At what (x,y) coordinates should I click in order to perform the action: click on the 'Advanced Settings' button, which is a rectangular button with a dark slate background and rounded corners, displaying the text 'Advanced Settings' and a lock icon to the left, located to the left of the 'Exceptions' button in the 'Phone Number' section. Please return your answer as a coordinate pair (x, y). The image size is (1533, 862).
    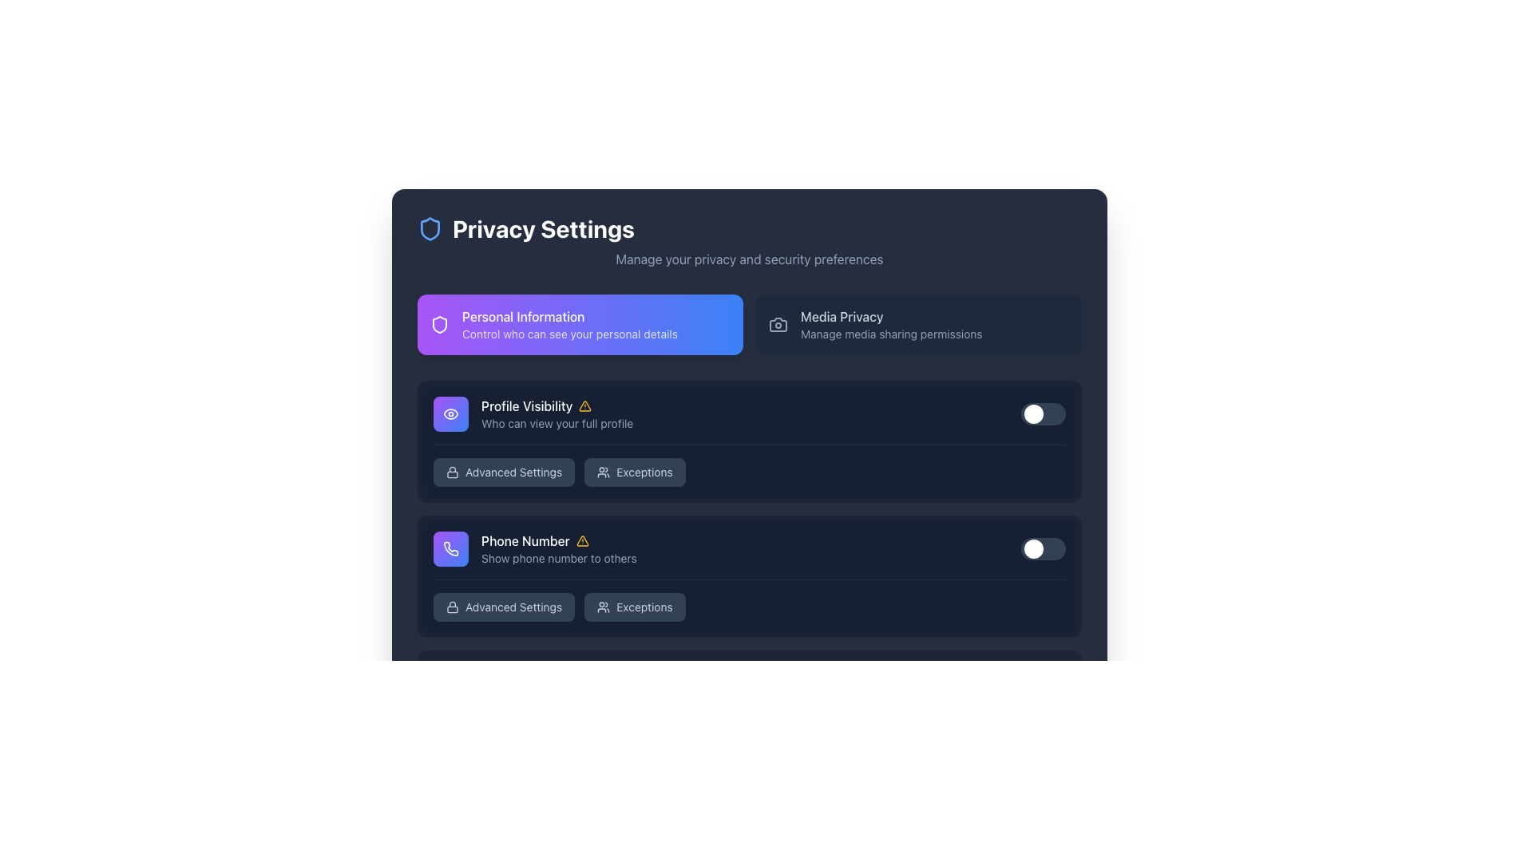
    Looking at the image, I should click on (503, 607).